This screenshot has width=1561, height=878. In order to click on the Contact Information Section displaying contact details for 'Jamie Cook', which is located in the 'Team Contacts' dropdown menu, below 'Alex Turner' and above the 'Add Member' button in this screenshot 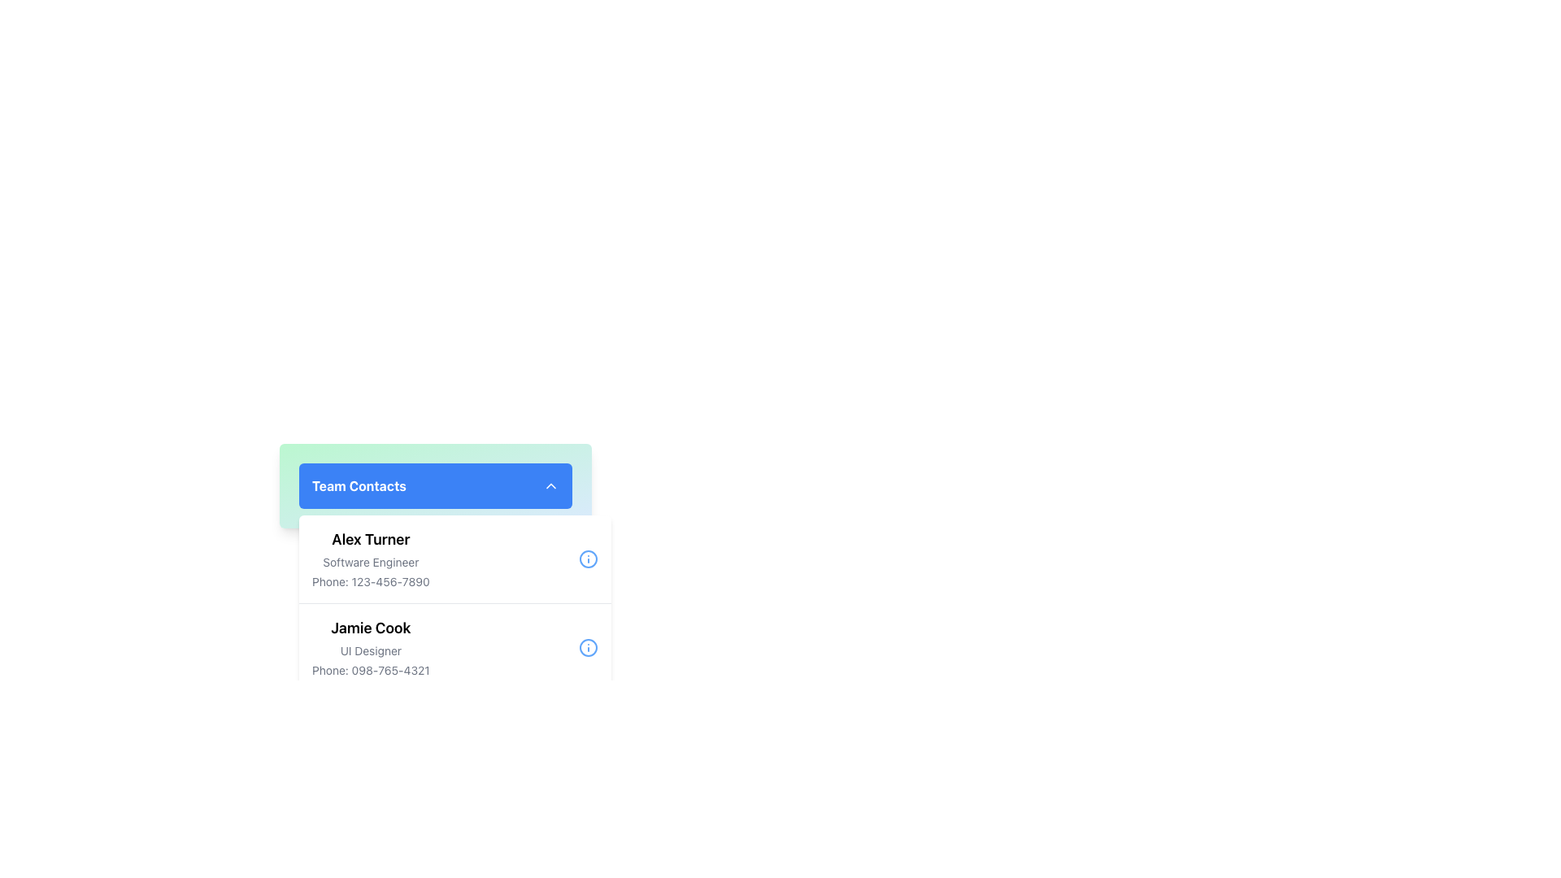, I will do `click(455, 646)`.